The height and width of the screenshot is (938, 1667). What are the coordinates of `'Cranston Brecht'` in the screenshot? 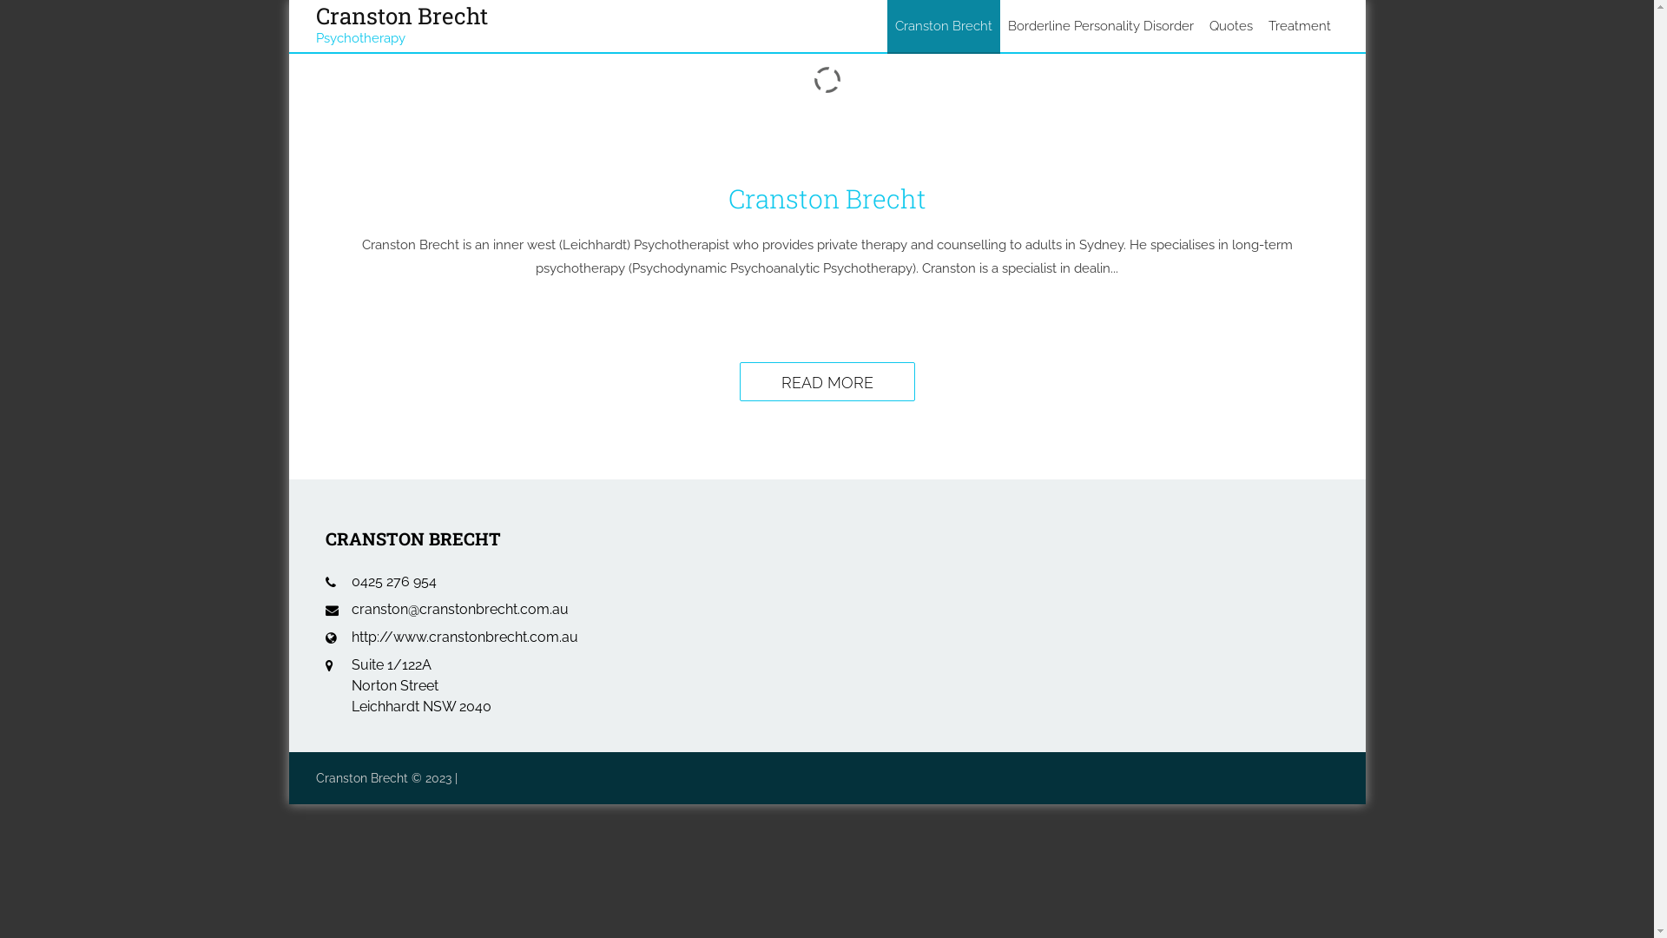 It's located at (887, 26).